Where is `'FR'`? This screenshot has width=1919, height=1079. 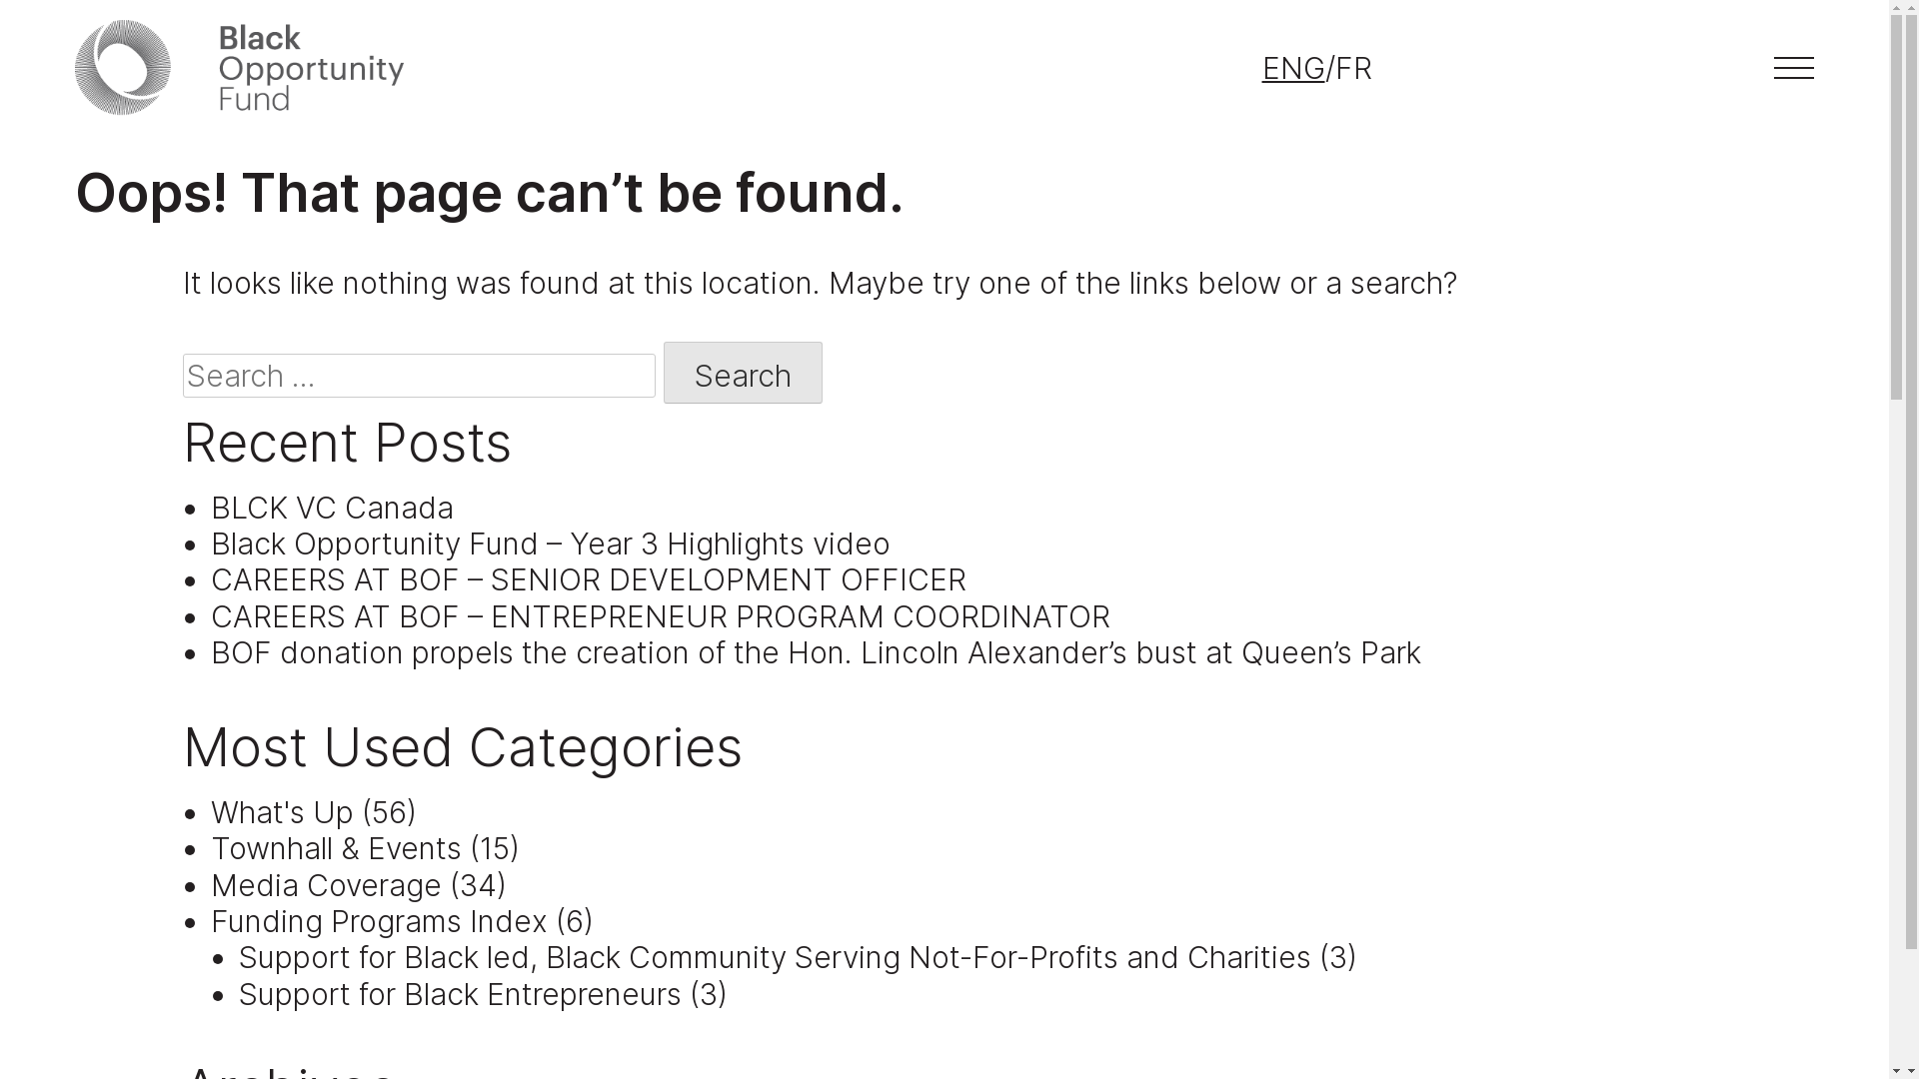
'FR' is located at coordinates (1353, 67).